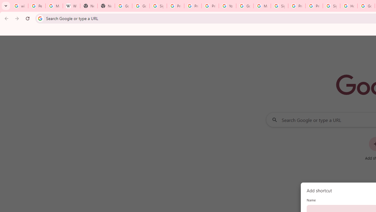  Describe the element at coordinates (54, 6) in the screenshot. I see `'Manage your Location History - Google Search Help'` at that location.